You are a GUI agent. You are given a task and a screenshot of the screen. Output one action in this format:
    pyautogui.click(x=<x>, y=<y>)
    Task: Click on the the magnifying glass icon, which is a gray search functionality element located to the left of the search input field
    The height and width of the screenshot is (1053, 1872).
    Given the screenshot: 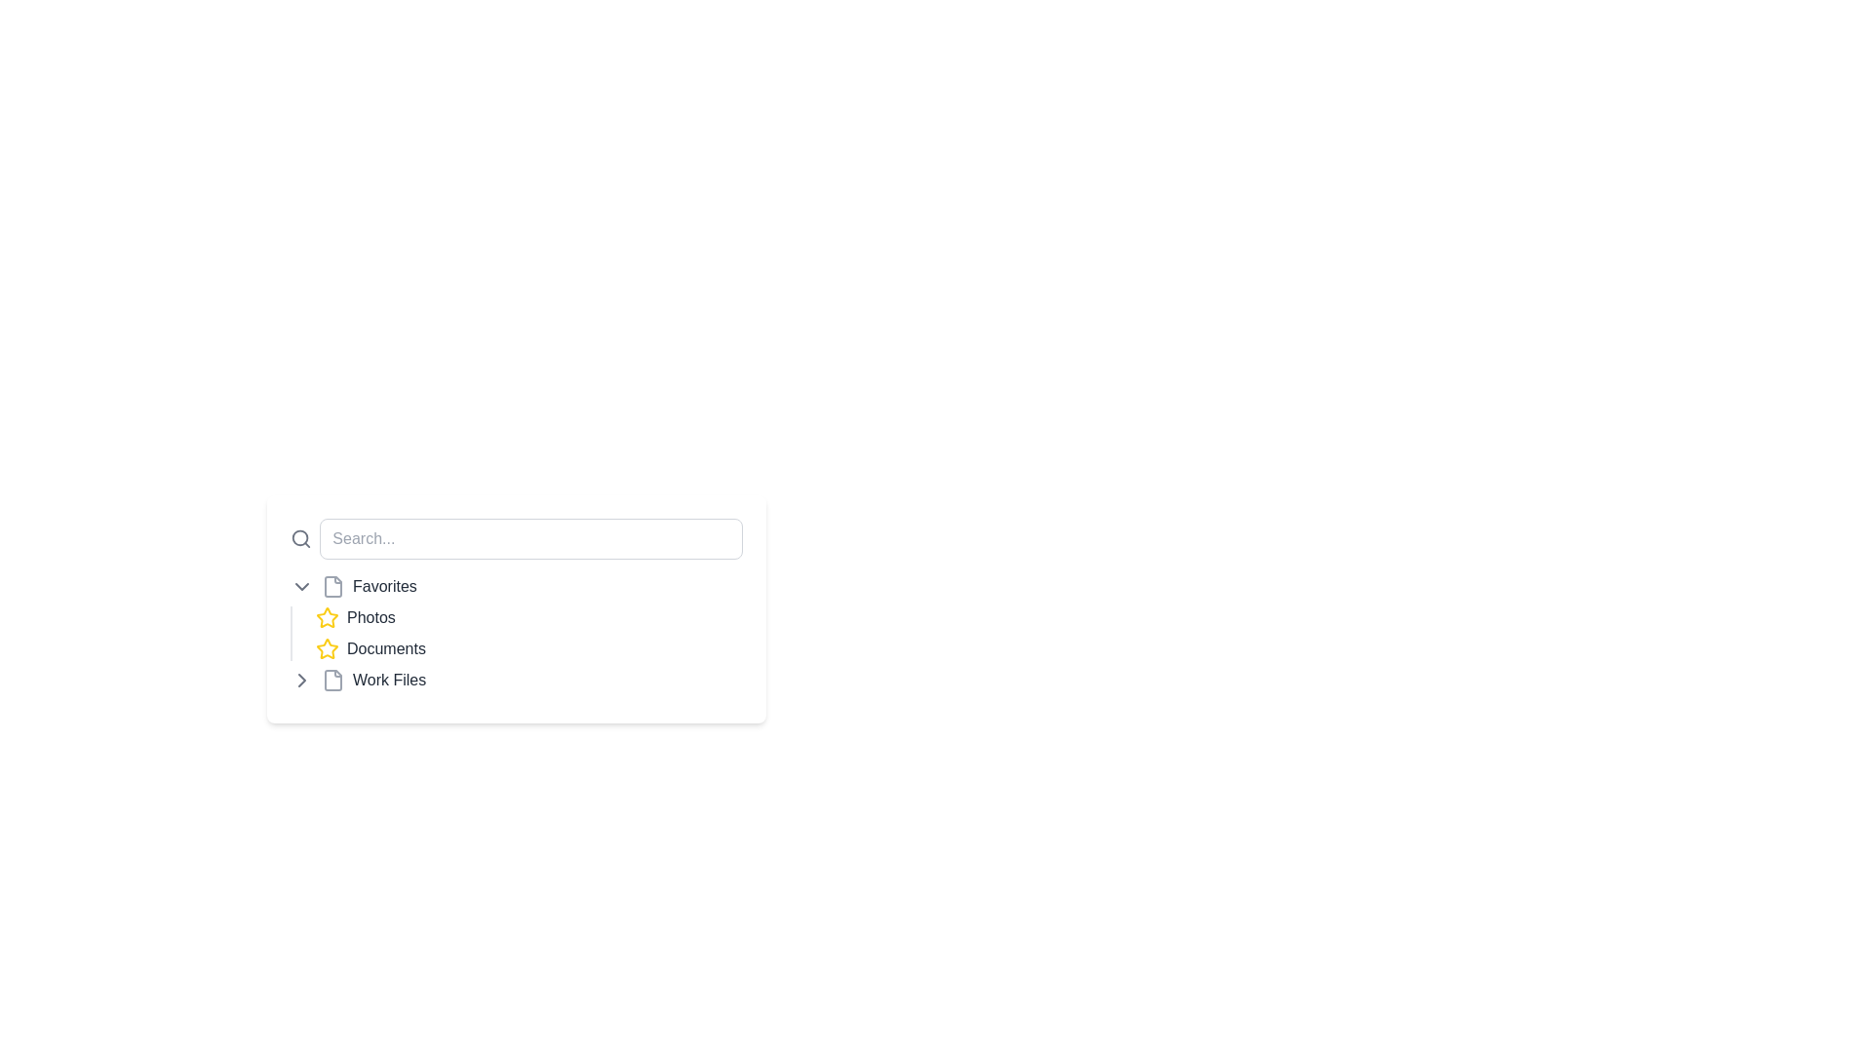 What is the action you would take?
    pyautogui.click(x=300, y=538)
    